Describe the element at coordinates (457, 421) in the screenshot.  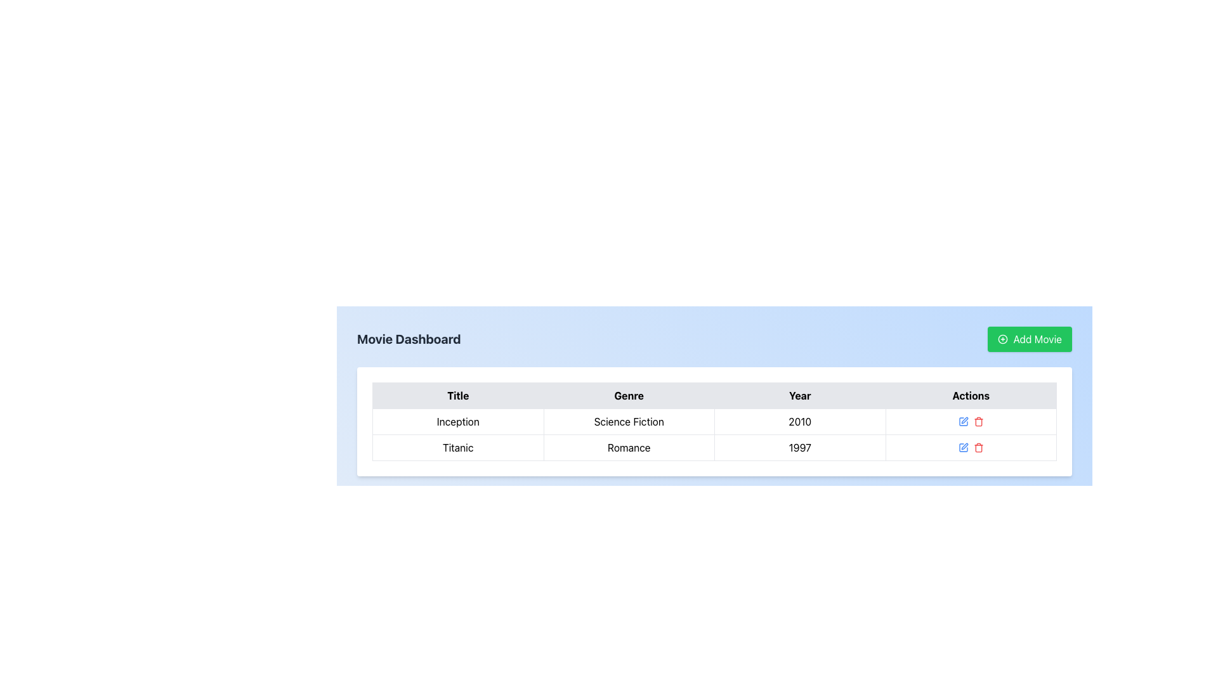
I see `the text label that signifies the title of the movie 'Inception' in the first row of the table within the 'Title' column` at that location.